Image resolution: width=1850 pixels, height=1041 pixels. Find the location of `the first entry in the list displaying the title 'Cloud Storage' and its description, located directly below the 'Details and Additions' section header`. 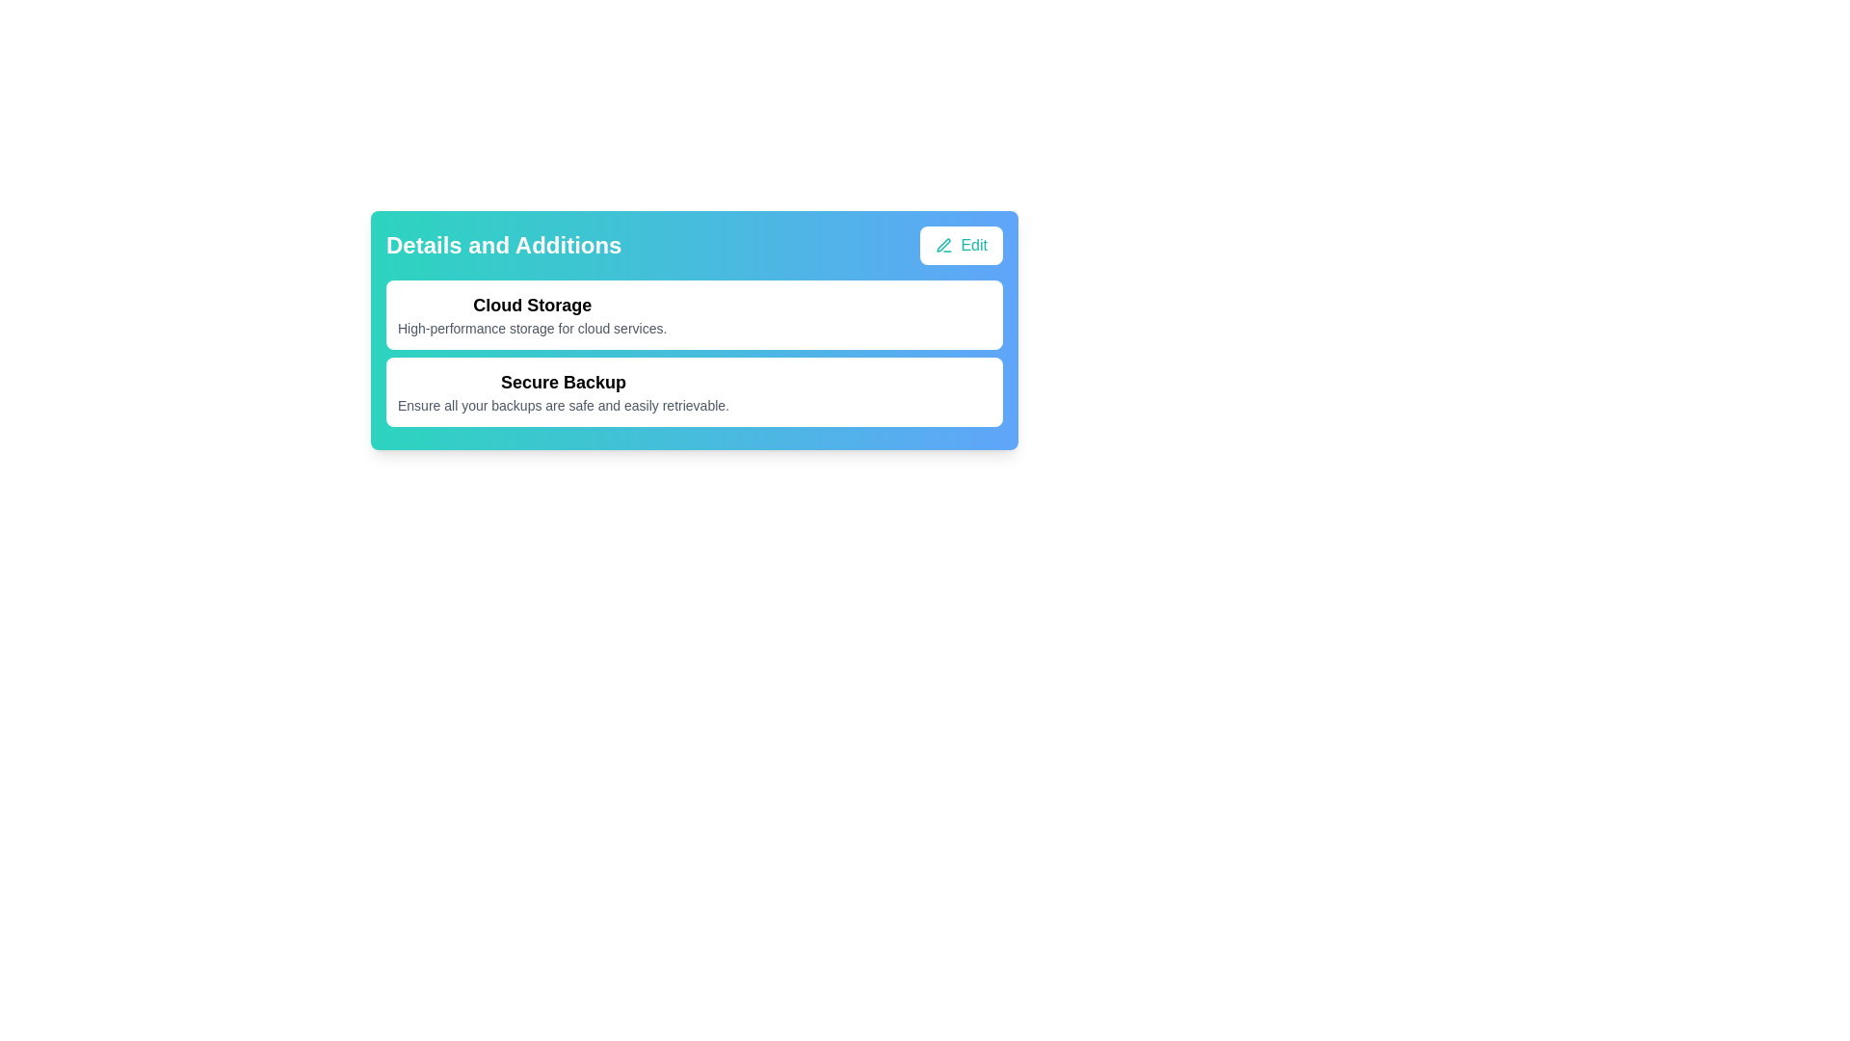

the first entry in the list displaying the title 'Cloud Storage' and its description, located directly below the 'Details and Additions' section header is located at coordinates (532, 314).